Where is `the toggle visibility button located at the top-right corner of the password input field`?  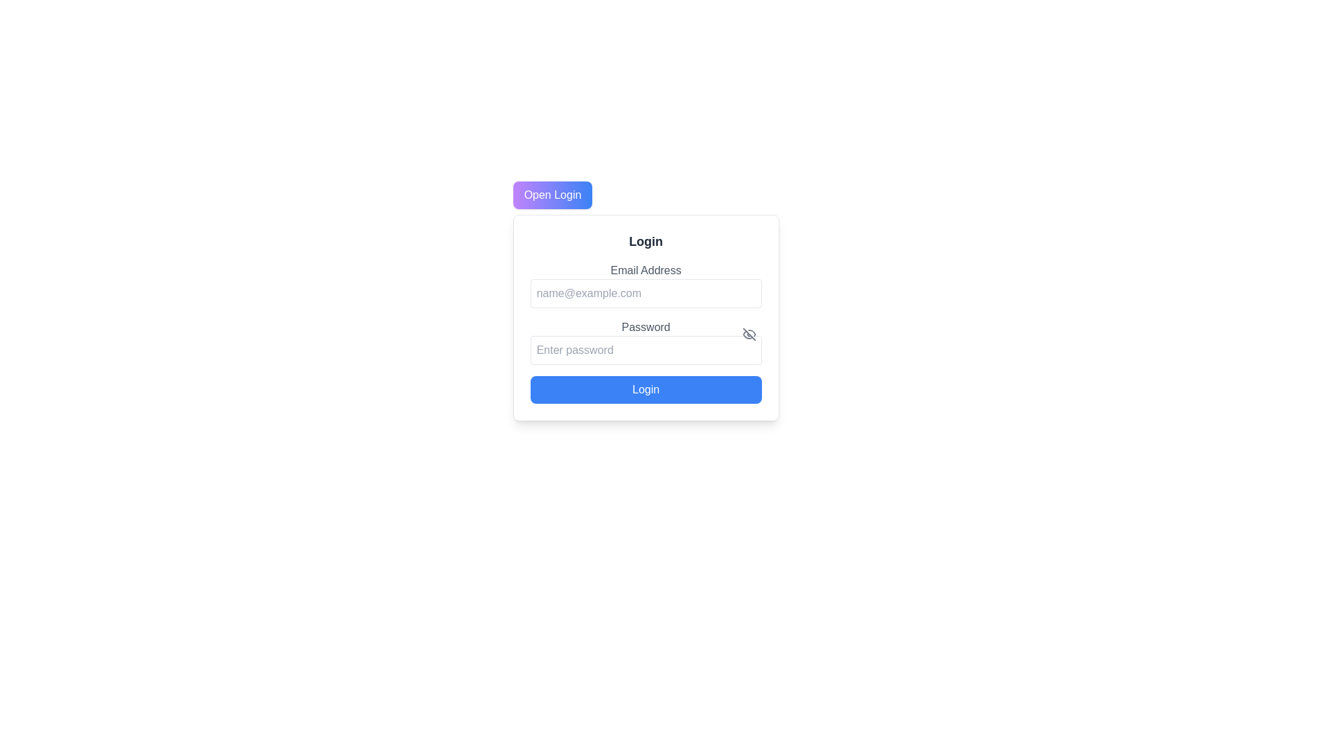 the toggle visibility button located at the top-right corner of the password input field is located at coordinates (748, 334).